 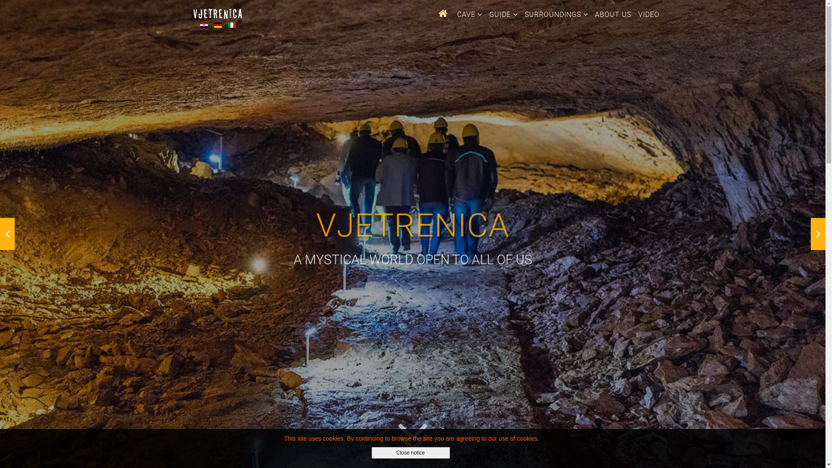 I want to click on 'Hrvatski', so click(x=203, y=24).